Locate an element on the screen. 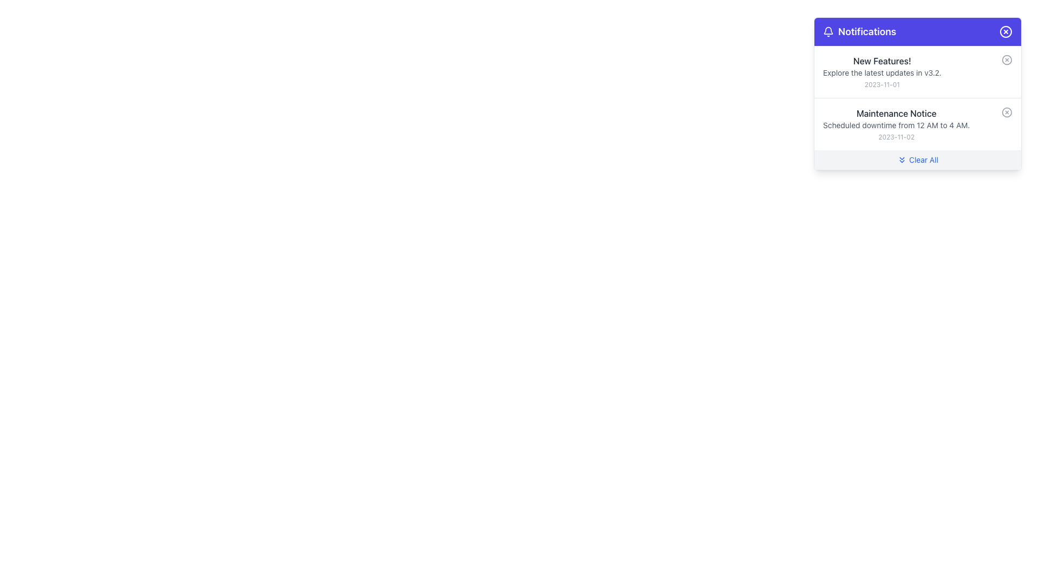 The image size is (1039, 584). the close button located in the upper-right corner of the notification header bar is located at coordinates (1005, 31).